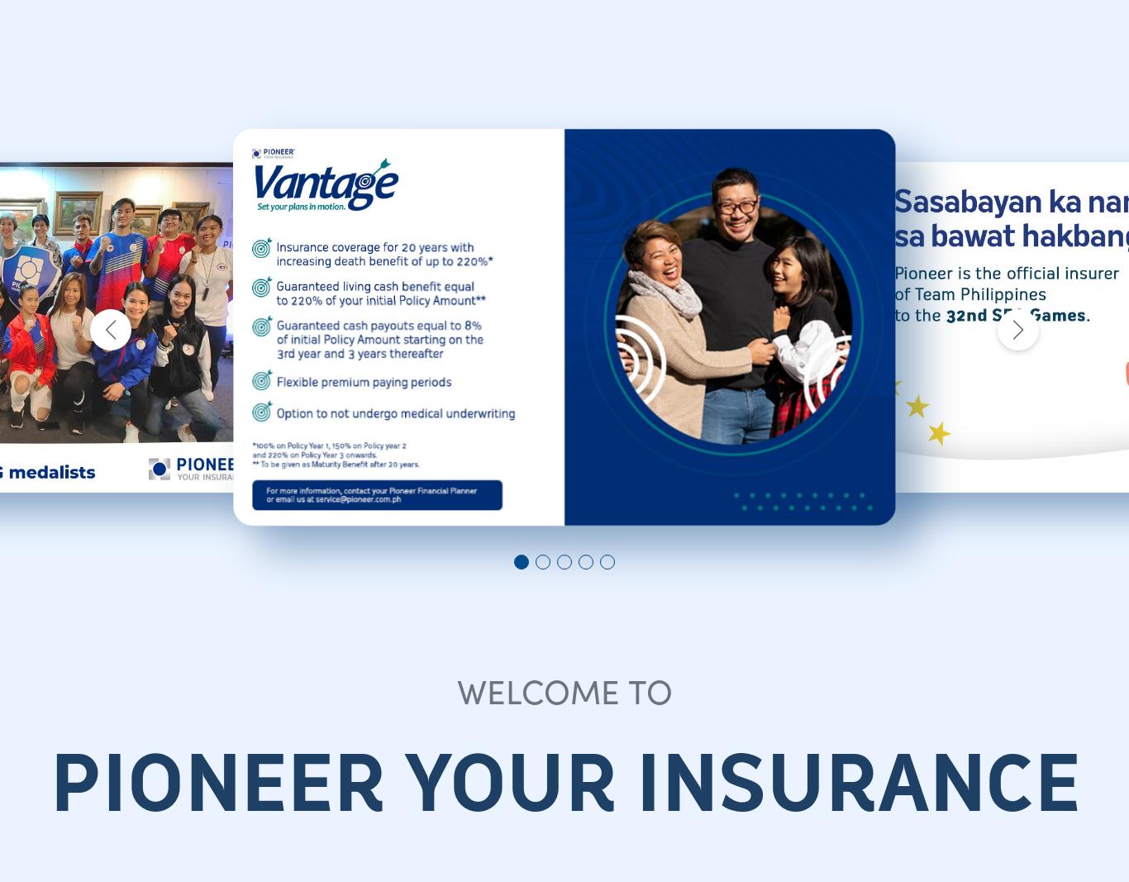 This screenshot has height=882, width=1129. I want to click on 'Follow Us!', so click(563, 701).